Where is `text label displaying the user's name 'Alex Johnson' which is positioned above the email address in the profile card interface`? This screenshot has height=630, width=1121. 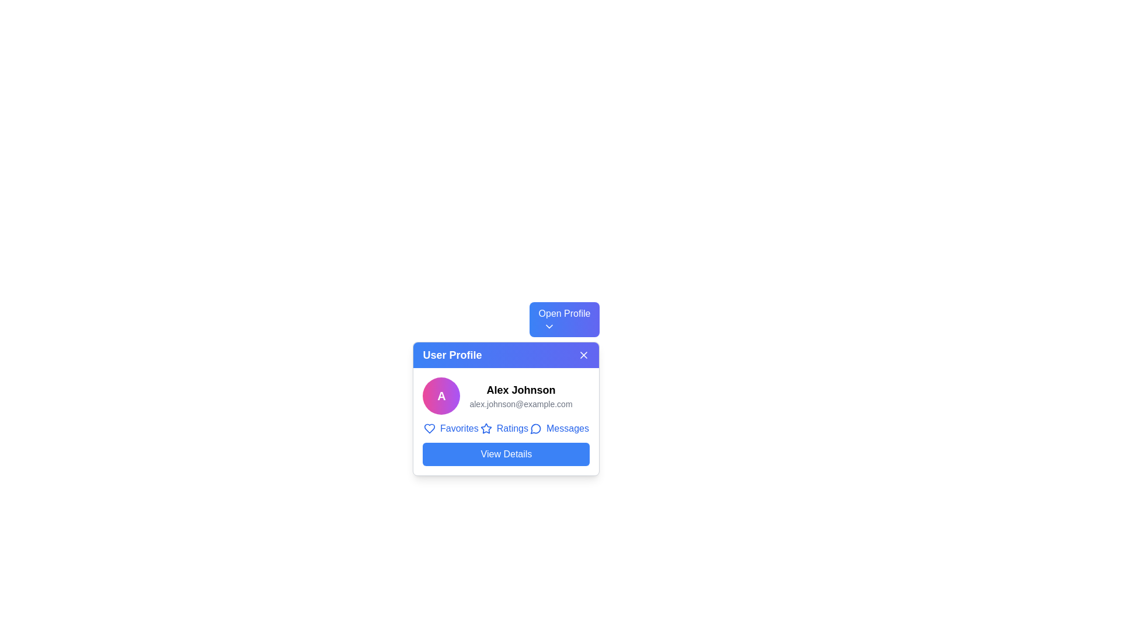
text label displaying the user's name 'Alex Johnson' which is positioned above the email address in the profile card interface is located at coordinates (520, 390).